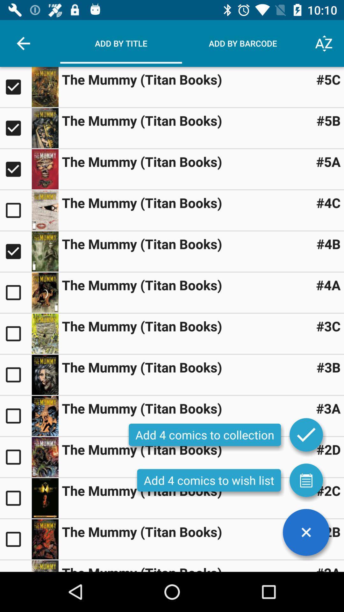 The height and width of the screenshot is (612, 344). I want to click on title checkbox, so click(15, 251).